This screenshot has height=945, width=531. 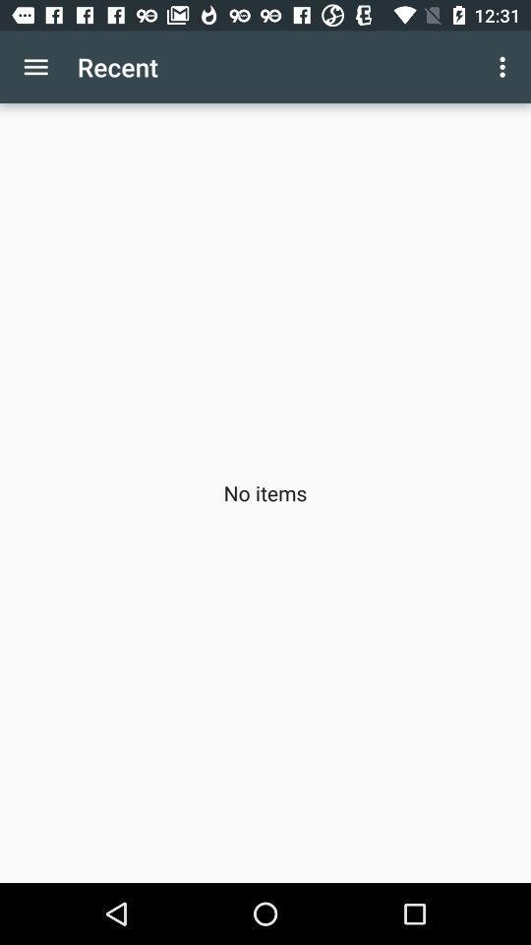 I want to click on icon at the top right corner, so click(x=504, y=67).